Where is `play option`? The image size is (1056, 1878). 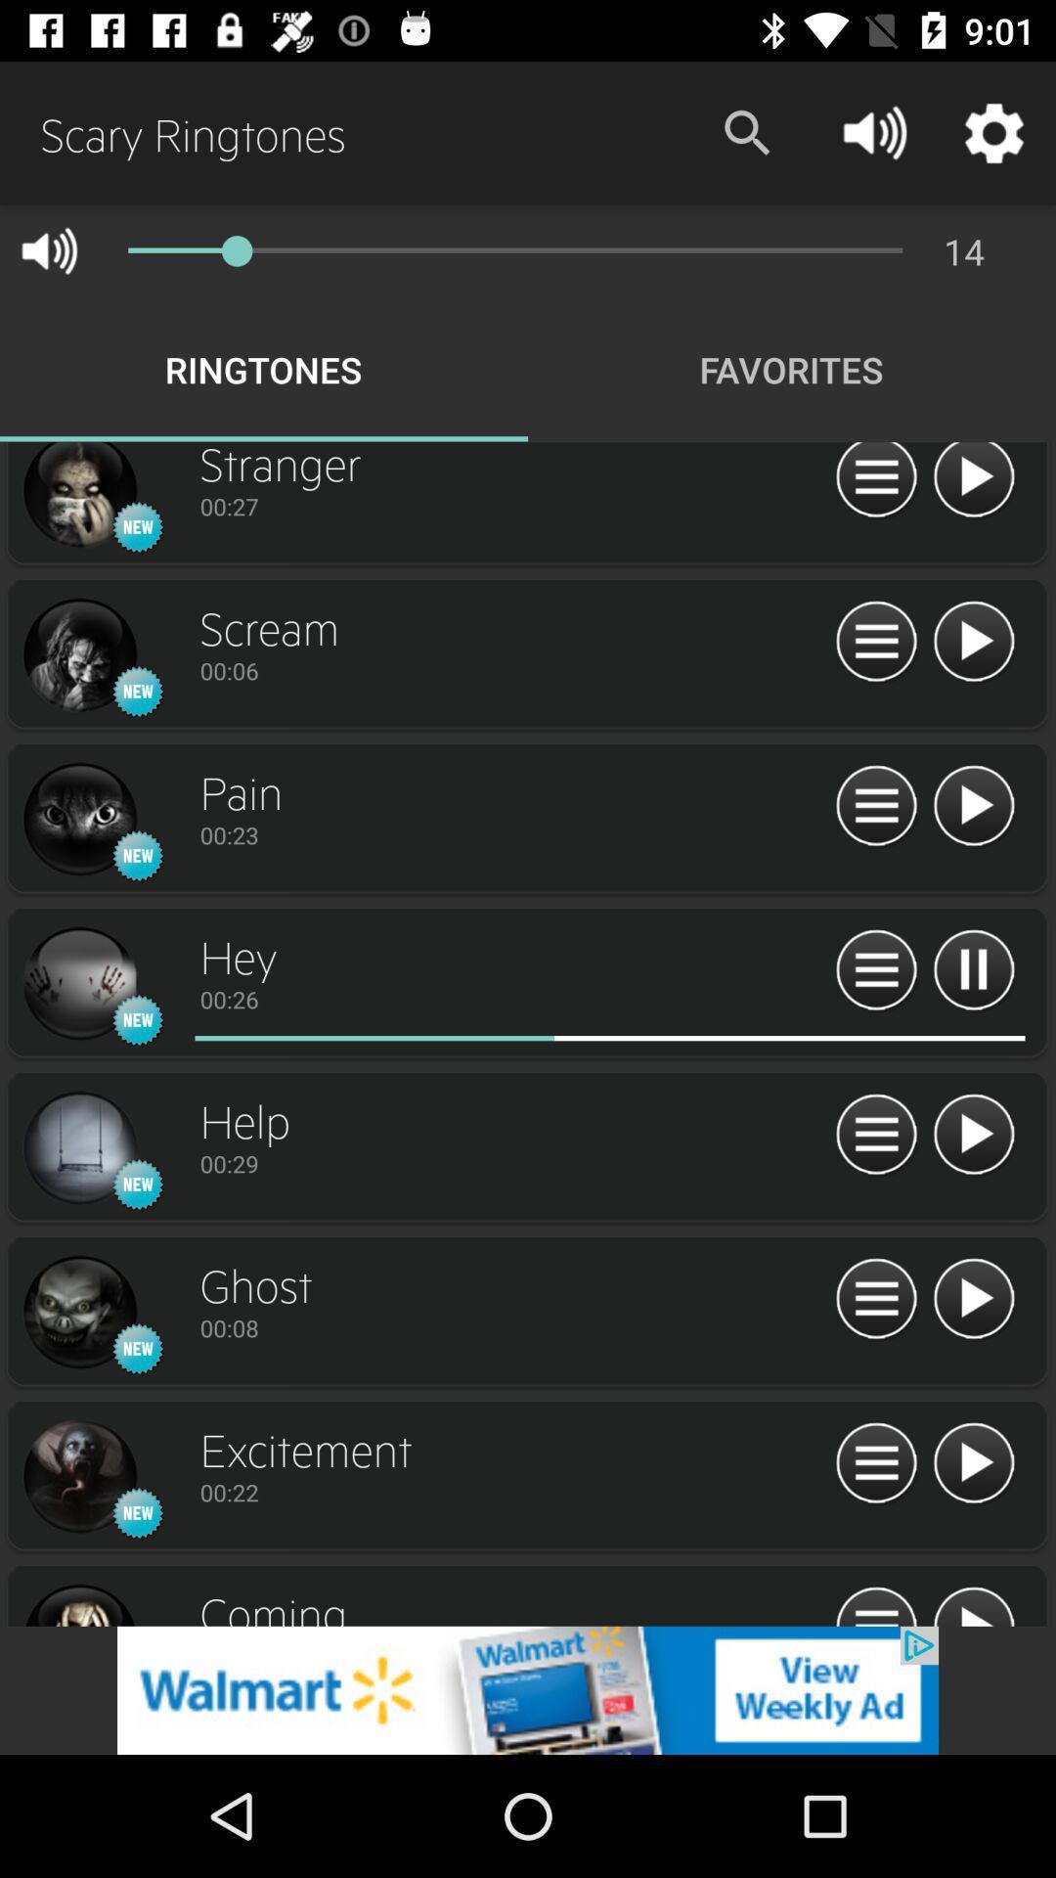
play option is located at coordinates (973, 1300).